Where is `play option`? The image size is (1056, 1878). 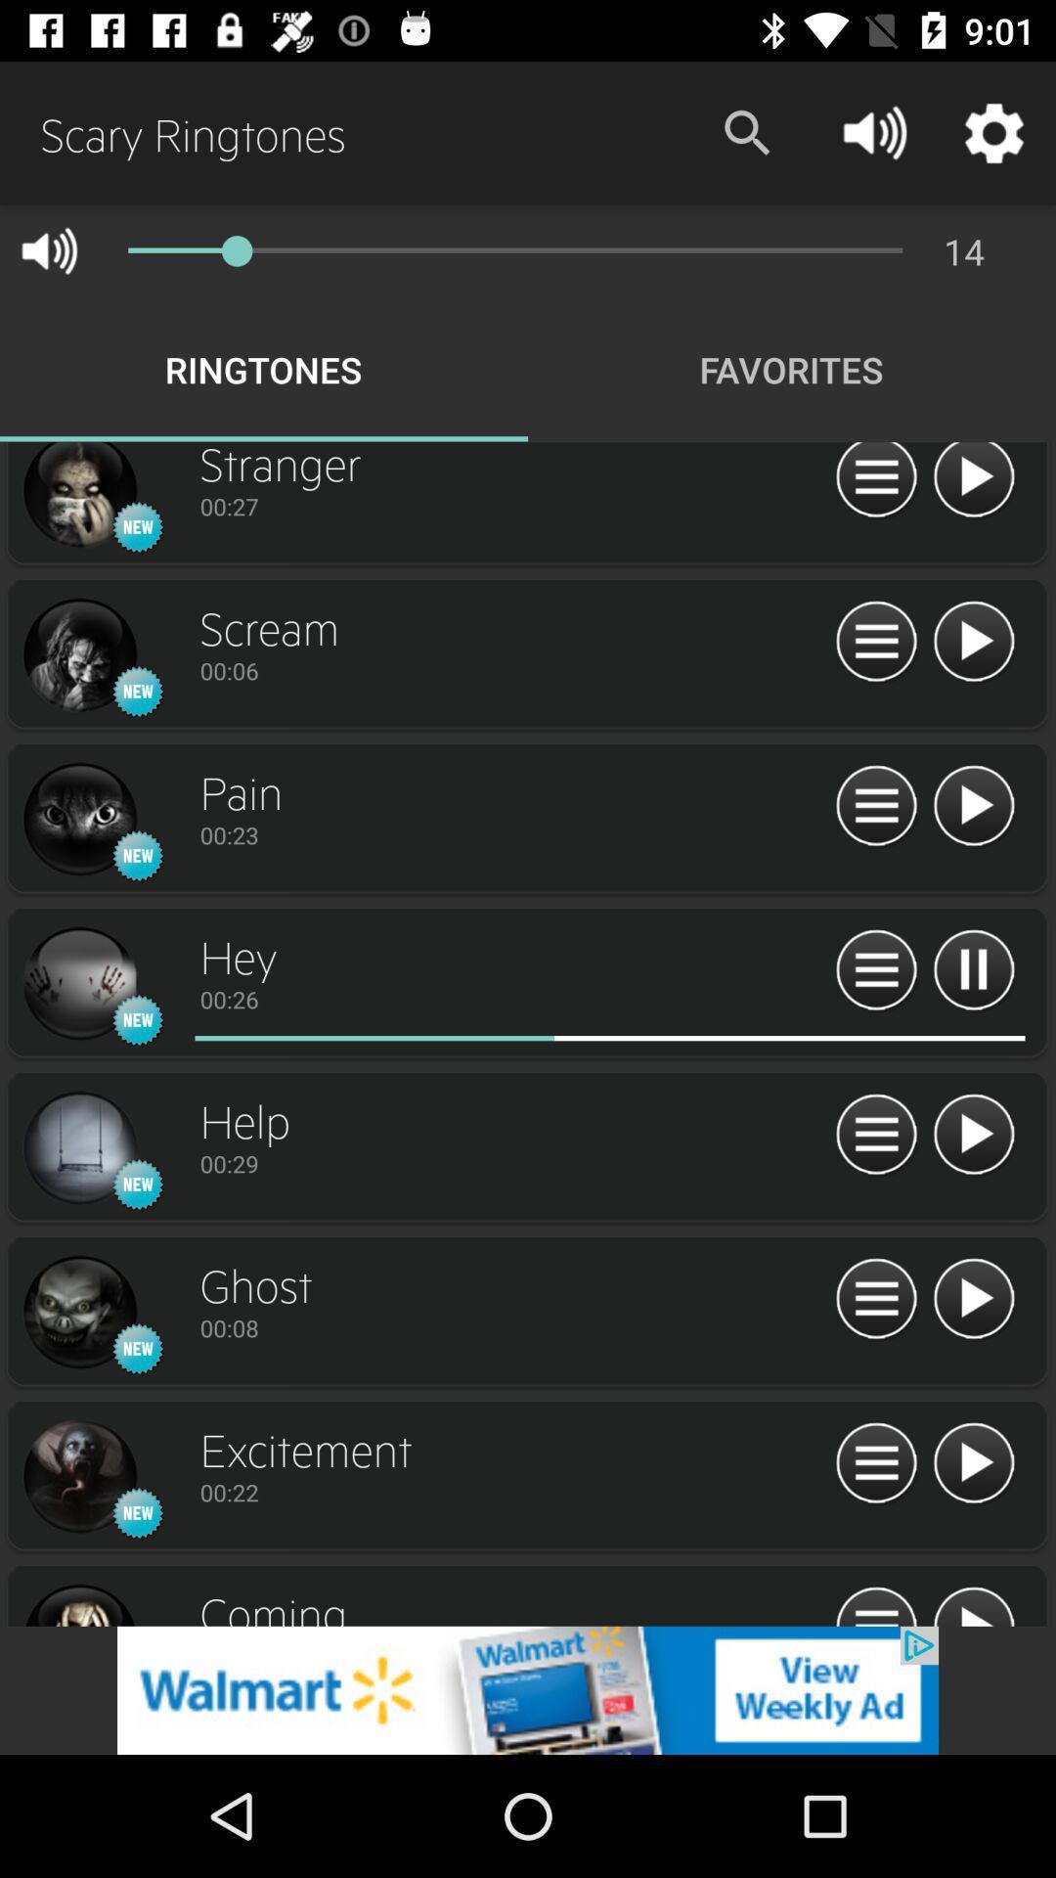
play option is located at coordinates (973, 1300).